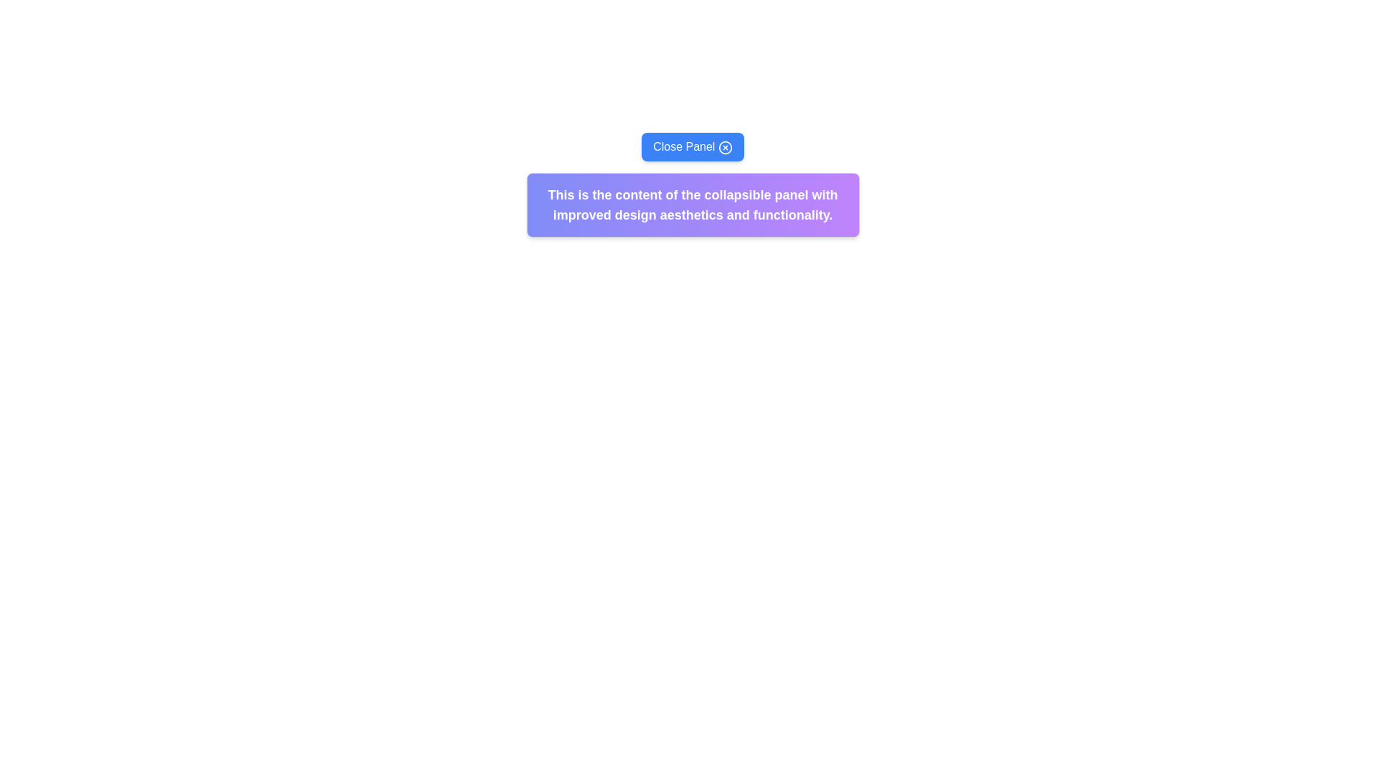 The height and width of the screenshot is (775, 1378). I want to click on the center of the icon that is located to the right of the 'Close Panel' text within the button at the top of the content area, so click(725, 147).